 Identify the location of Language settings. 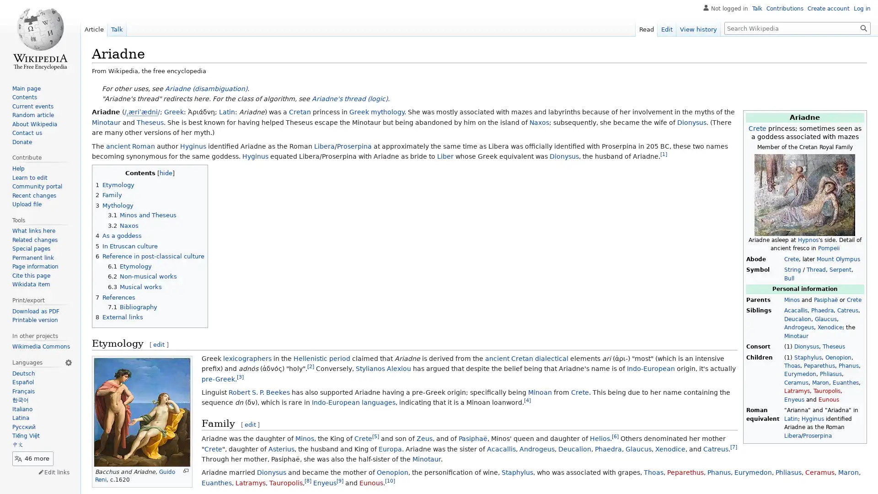
(68, 361).